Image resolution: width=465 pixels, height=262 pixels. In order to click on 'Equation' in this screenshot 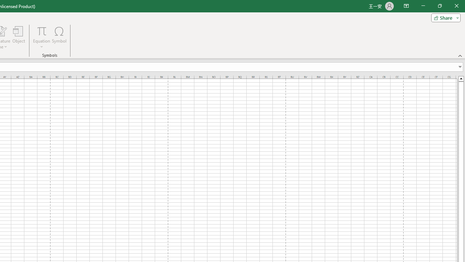, I will do `click(41, 37)`.